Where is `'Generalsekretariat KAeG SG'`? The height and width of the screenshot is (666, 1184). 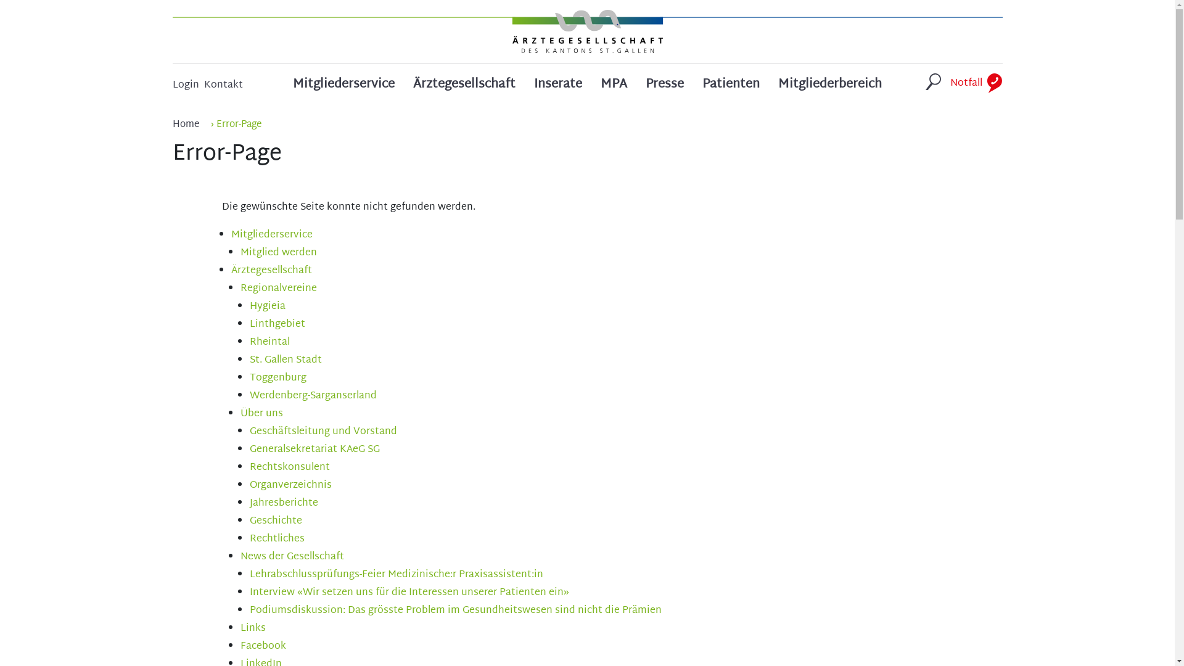 'Generalsekretariat KAeG SG' is located at coordinates (314, 450).